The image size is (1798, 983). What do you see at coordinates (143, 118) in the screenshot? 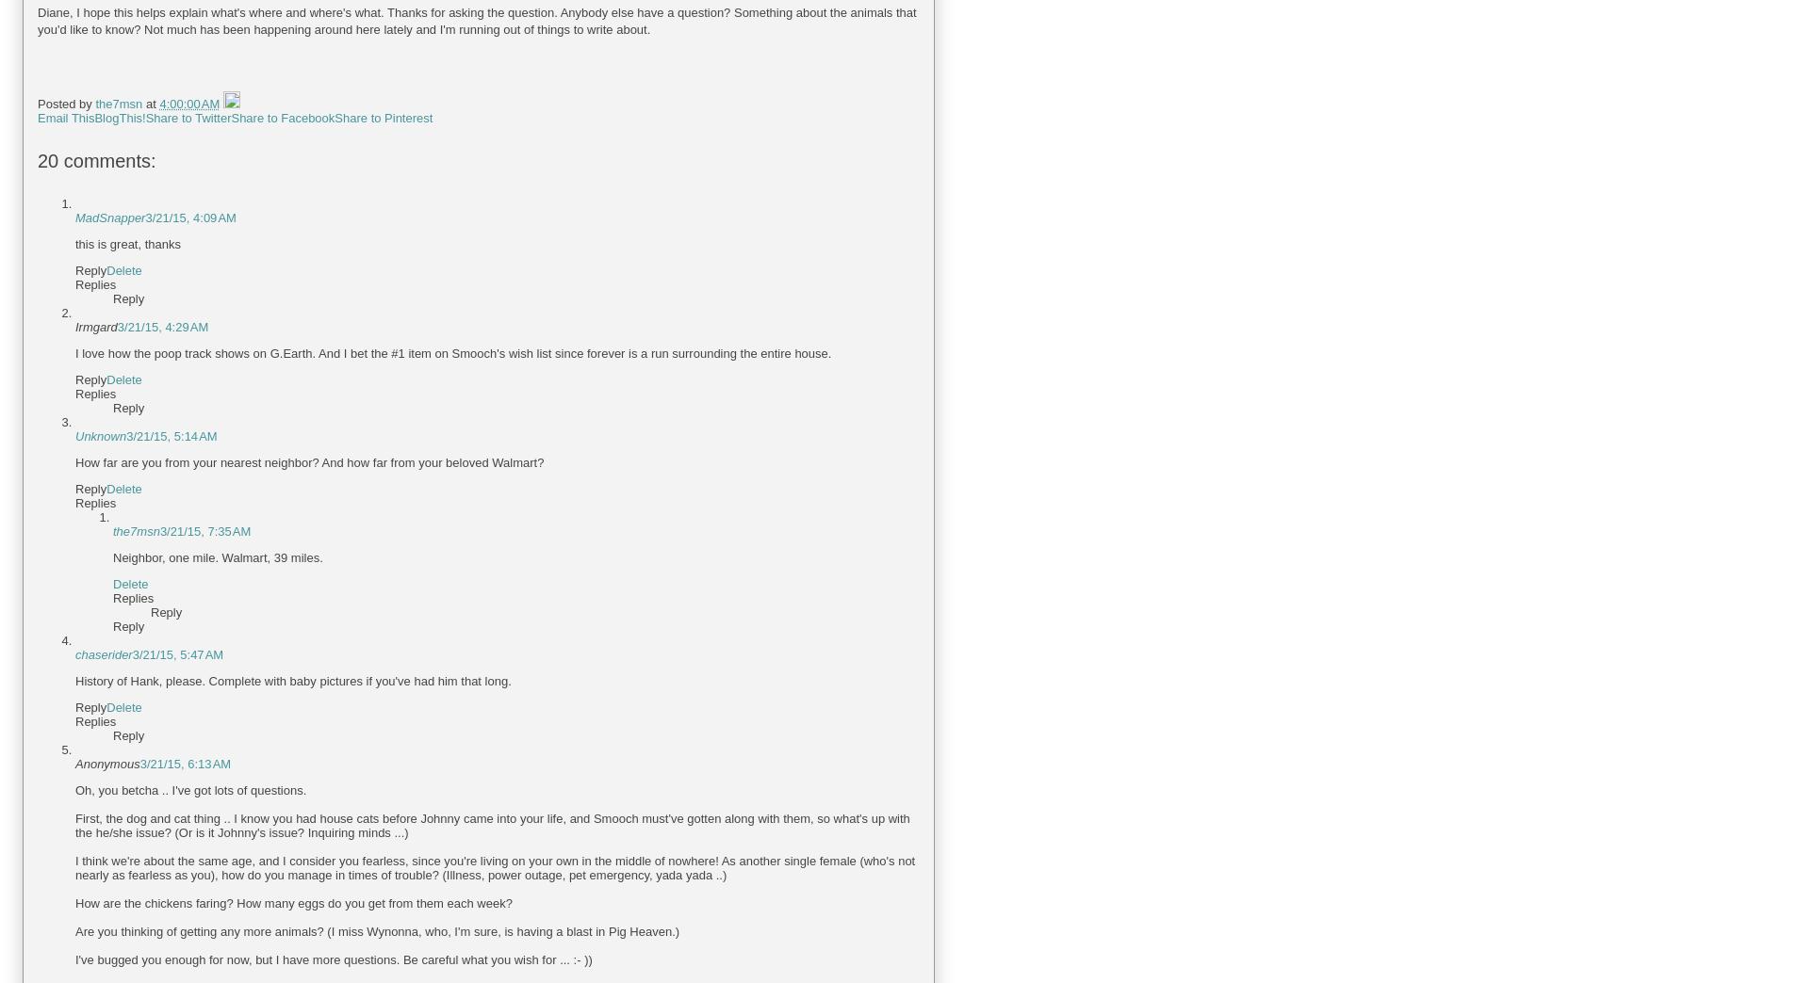
I see `'Share to Twitter'` at bounding box center [143, 118].